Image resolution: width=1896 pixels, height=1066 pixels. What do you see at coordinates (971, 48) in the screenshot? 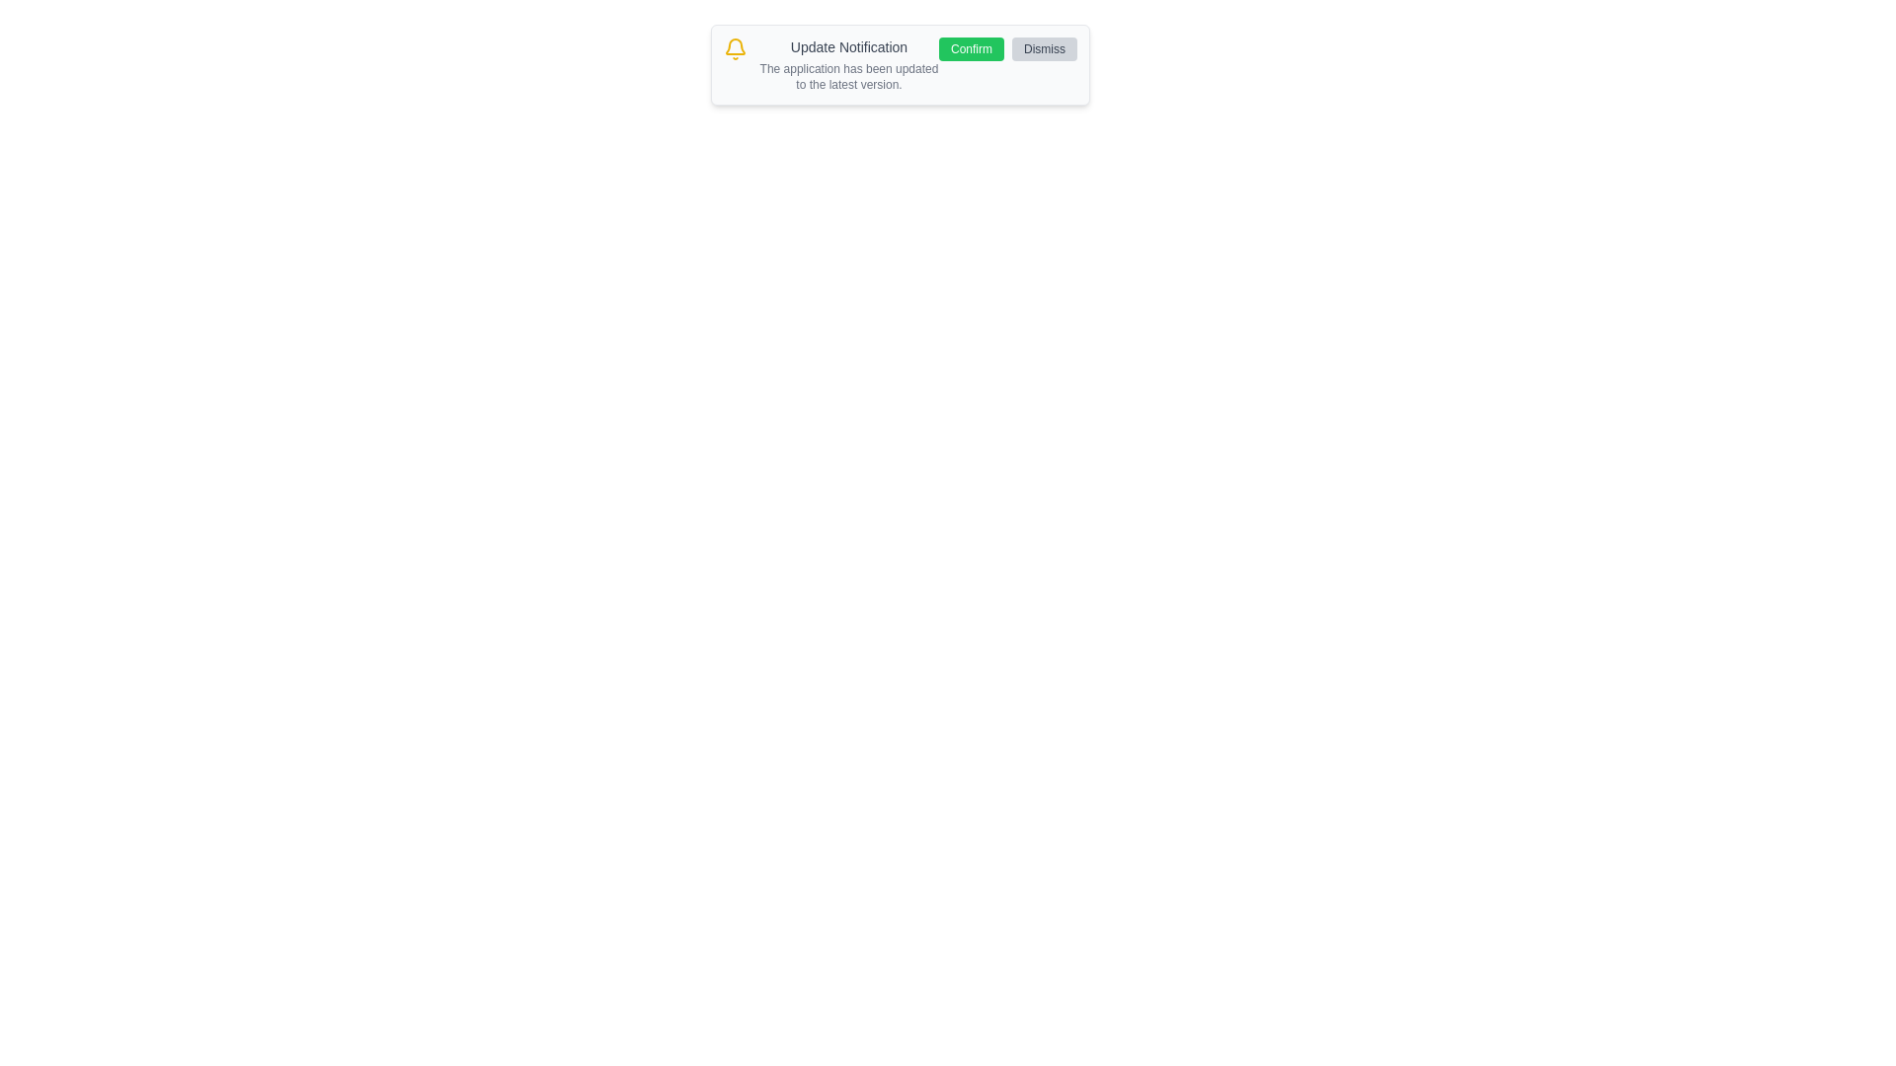
I see `the green 'Confirm' button with white text positioned at the top center of the interface to confirm the action` at bounding box center [971, 48].